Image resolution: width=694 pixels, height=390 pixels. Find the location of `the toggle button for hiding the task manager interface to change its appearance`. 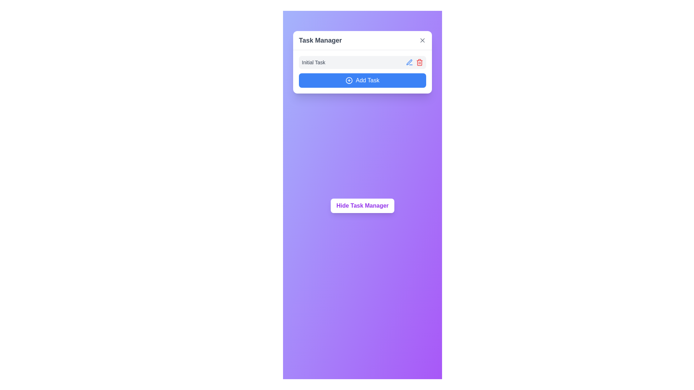

the toggle button for hiding the task manager interface to change its appearance is located at coordinates (363, 206).